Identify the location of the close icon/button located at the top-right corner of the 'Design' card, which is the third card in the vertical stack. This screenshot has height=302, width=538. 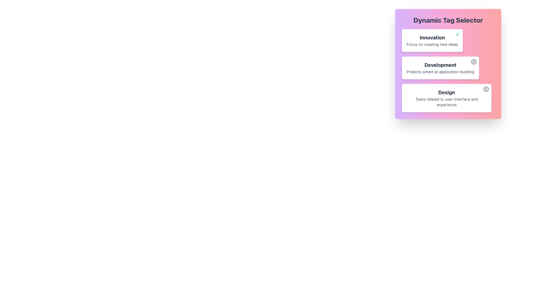
(486, 89).